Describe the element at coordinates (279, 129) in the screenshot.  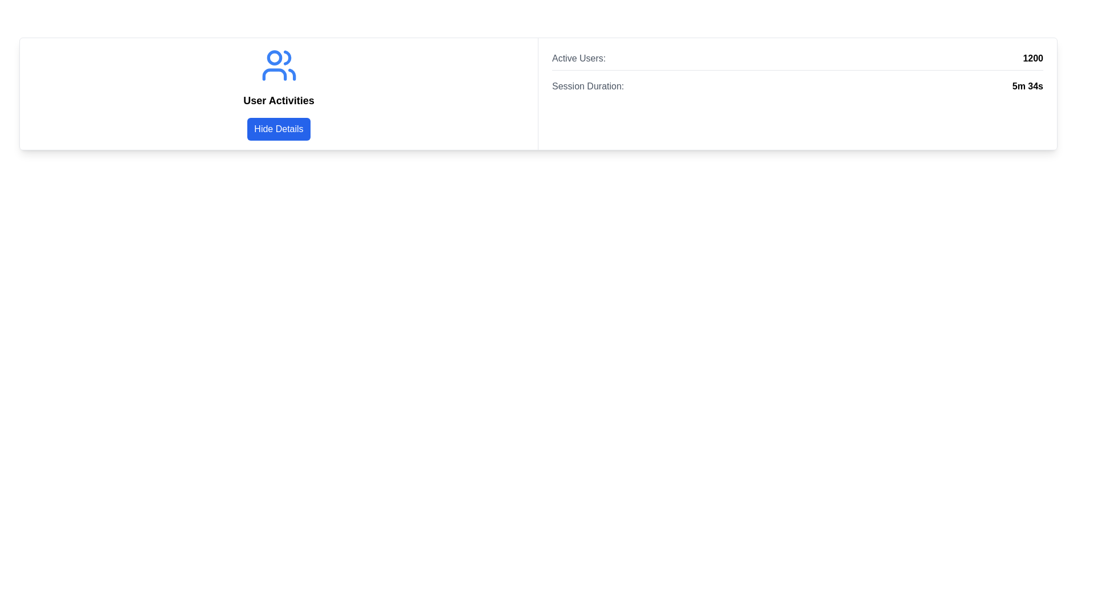
I see `the toggle button located directly beneath the 'User Activities' heading to hide additional details related to user activities` at that location.